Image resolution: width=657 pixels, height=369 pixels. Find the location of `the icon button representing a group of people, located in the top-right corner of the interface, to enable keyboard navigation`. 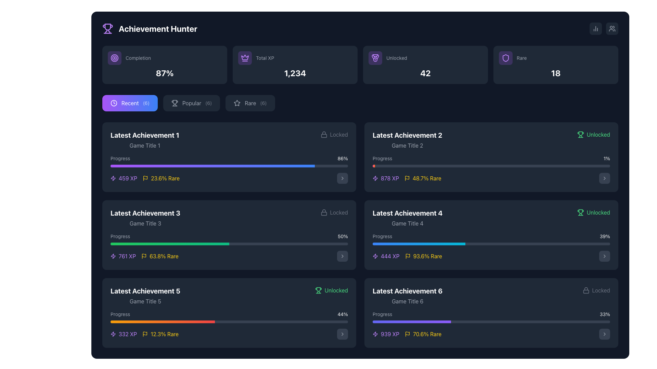

the icon button representing a group of people, located in the top-right corner of the interface, to enable keyboard navigation is located at coordinates (612, 28).